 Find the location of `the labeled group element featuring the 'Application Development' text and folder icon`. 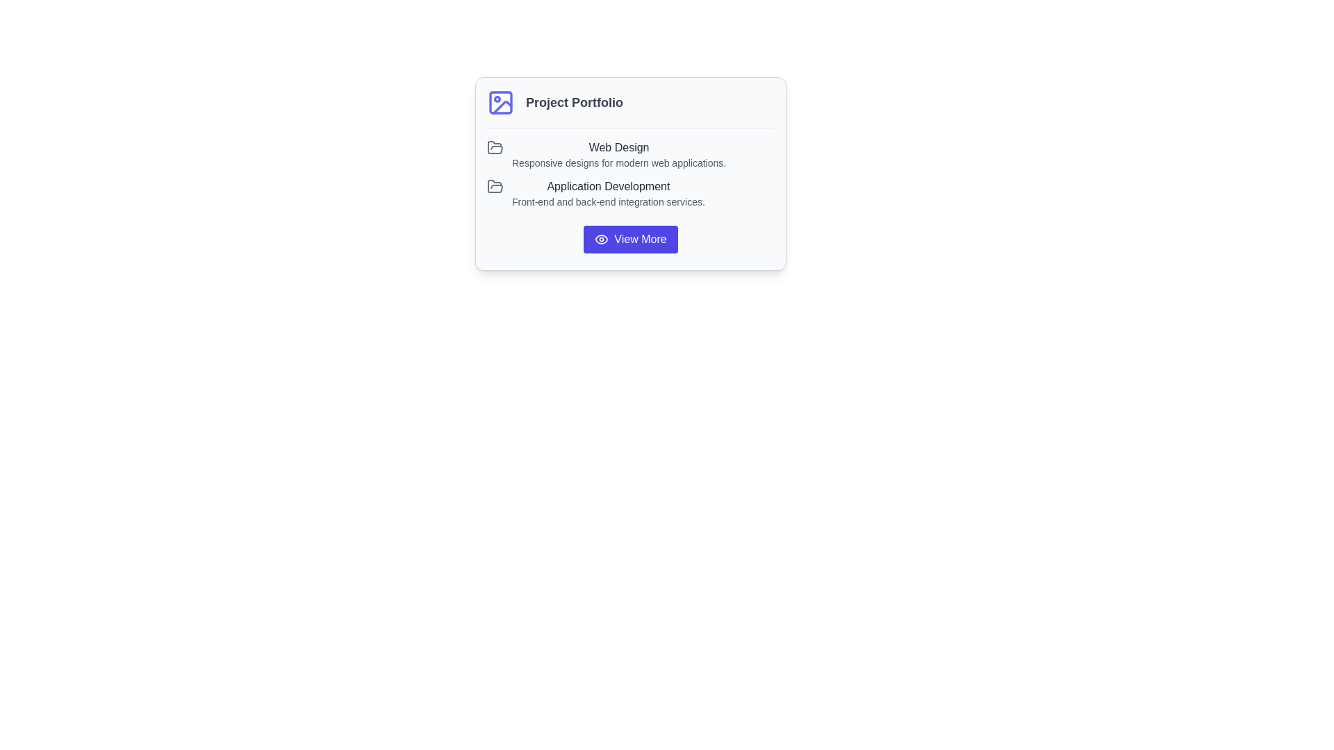

the labeled group element featuring the 'Application Development' text and folder icon is located at coordinates (629, 193).